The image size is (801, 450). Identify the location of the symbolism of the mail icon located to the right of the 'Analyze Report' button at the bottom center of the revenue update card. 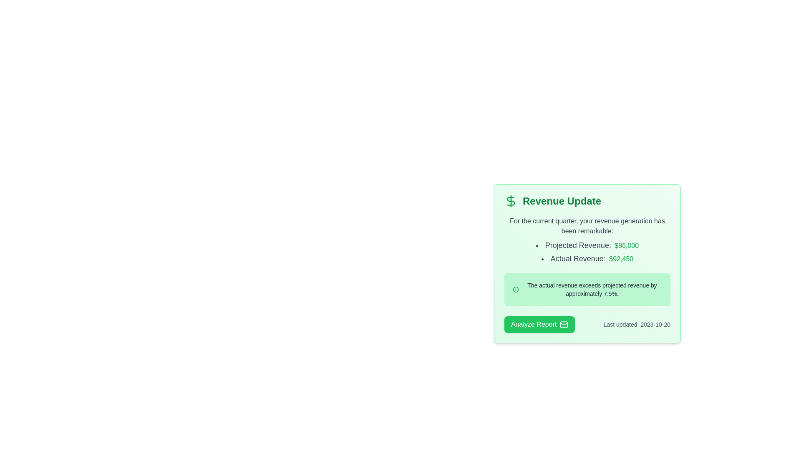
(564, 324).